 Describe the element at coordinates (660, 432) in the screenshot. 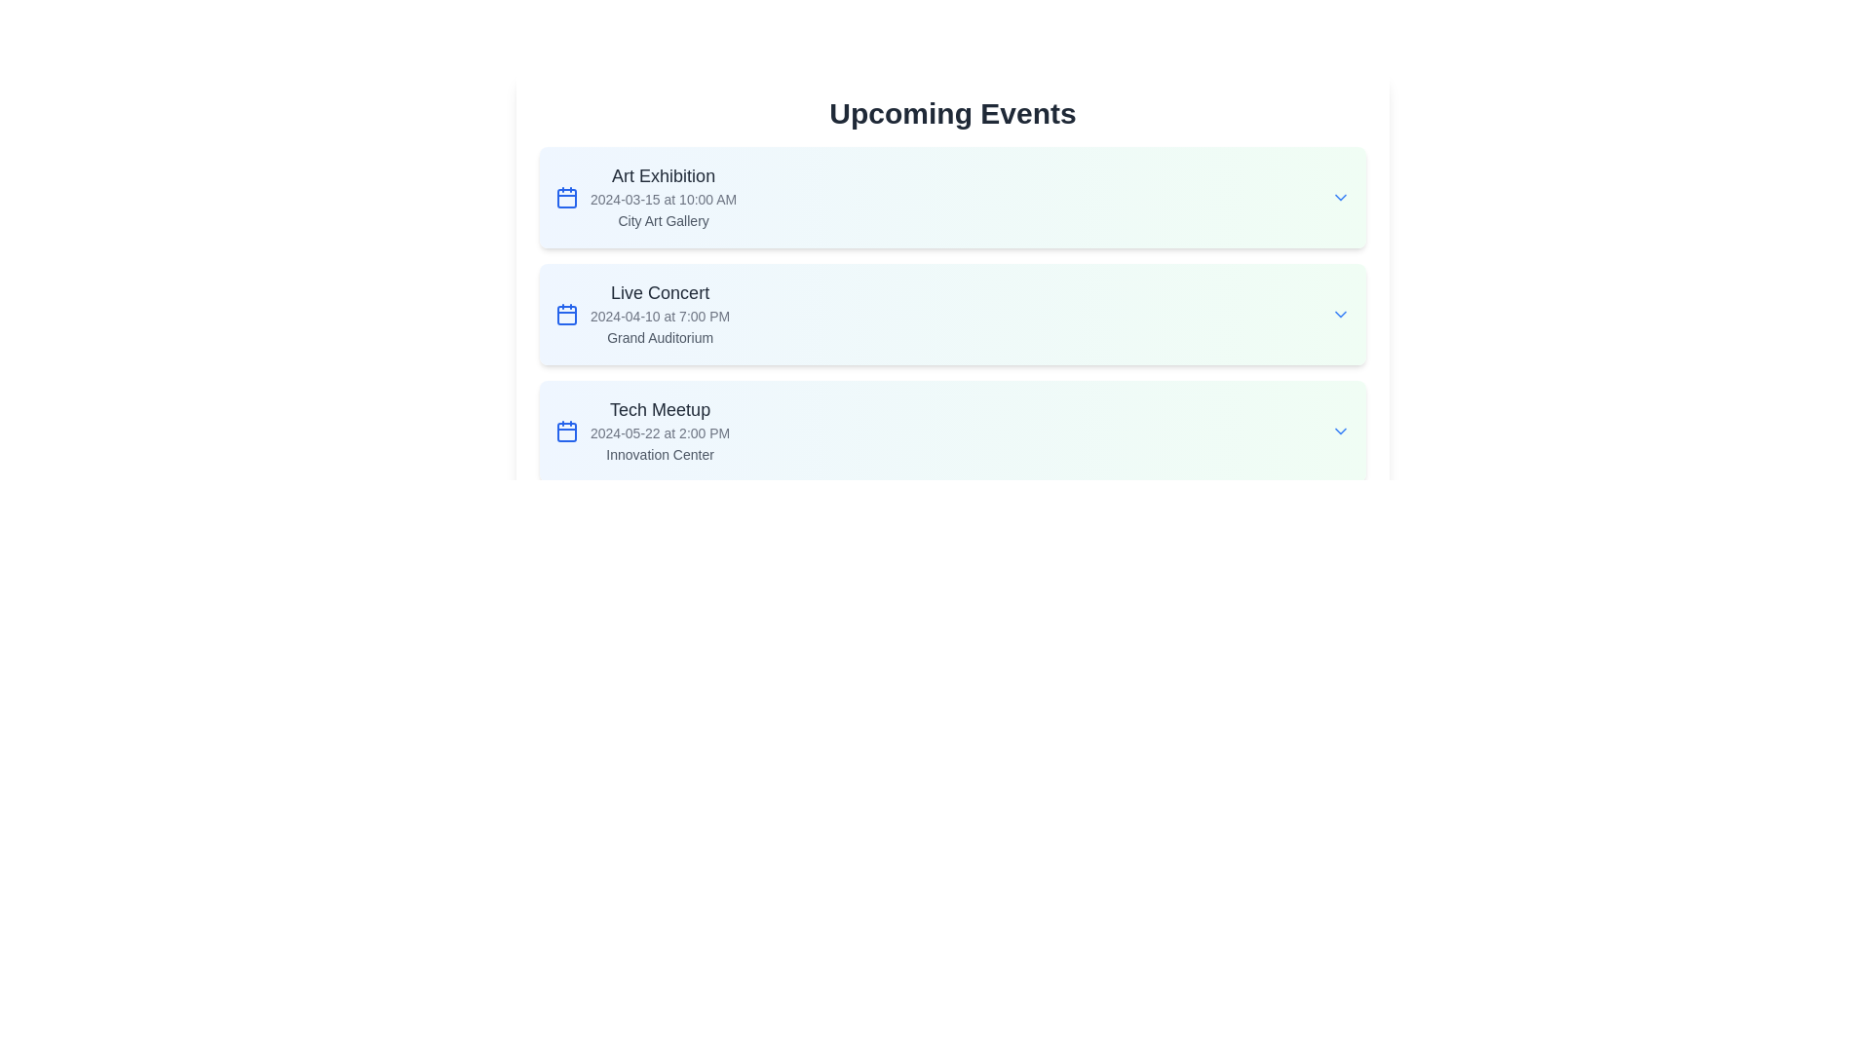

I see `the text element that informs the user of the scheduled date and time for the 'Tech Meetup' event, located in the 'Tech Meetup' section of the 'Upcoming Events' panel` at that location.